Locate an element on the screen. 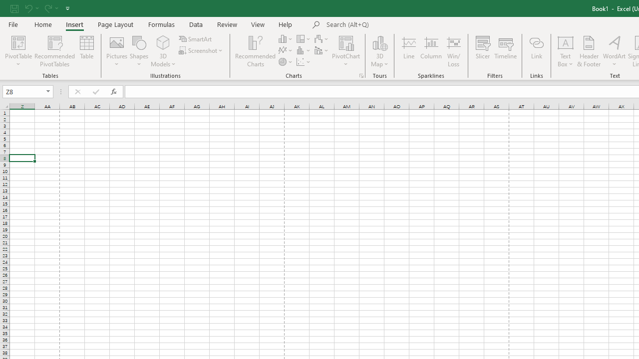 This screenshot has width=639, height=359. 'Insert Pie or Doughnut Chart' is located at coordinates (286, 62).